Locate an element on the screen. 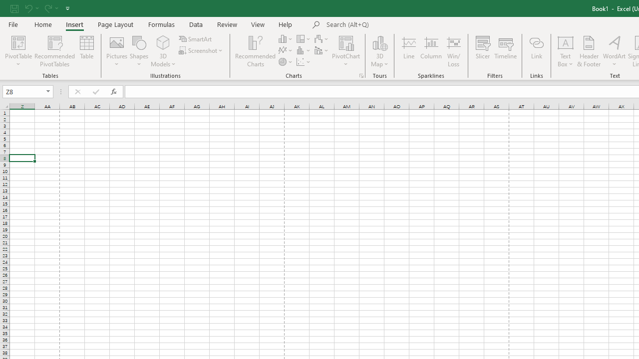 This screenshot has width=639, height=359. 'Insert Pie or Doughnut Chart' is located at coordinates (286, 62).